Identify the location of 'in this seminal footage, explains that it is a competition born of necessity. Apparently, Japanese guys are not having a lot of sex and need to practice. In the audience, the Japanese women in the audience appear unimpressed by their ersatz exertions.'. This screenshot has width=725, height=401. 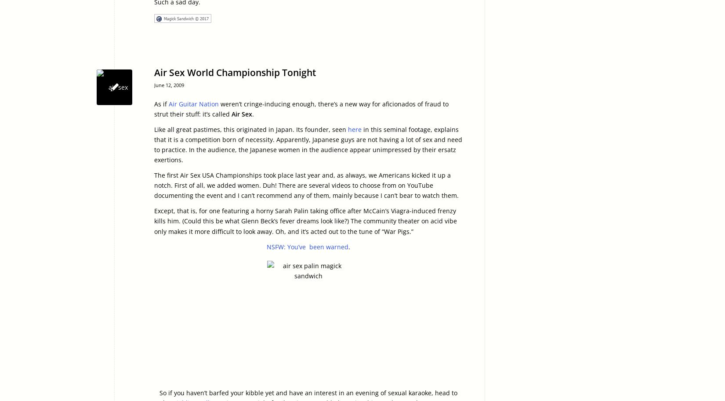
(308, 144).